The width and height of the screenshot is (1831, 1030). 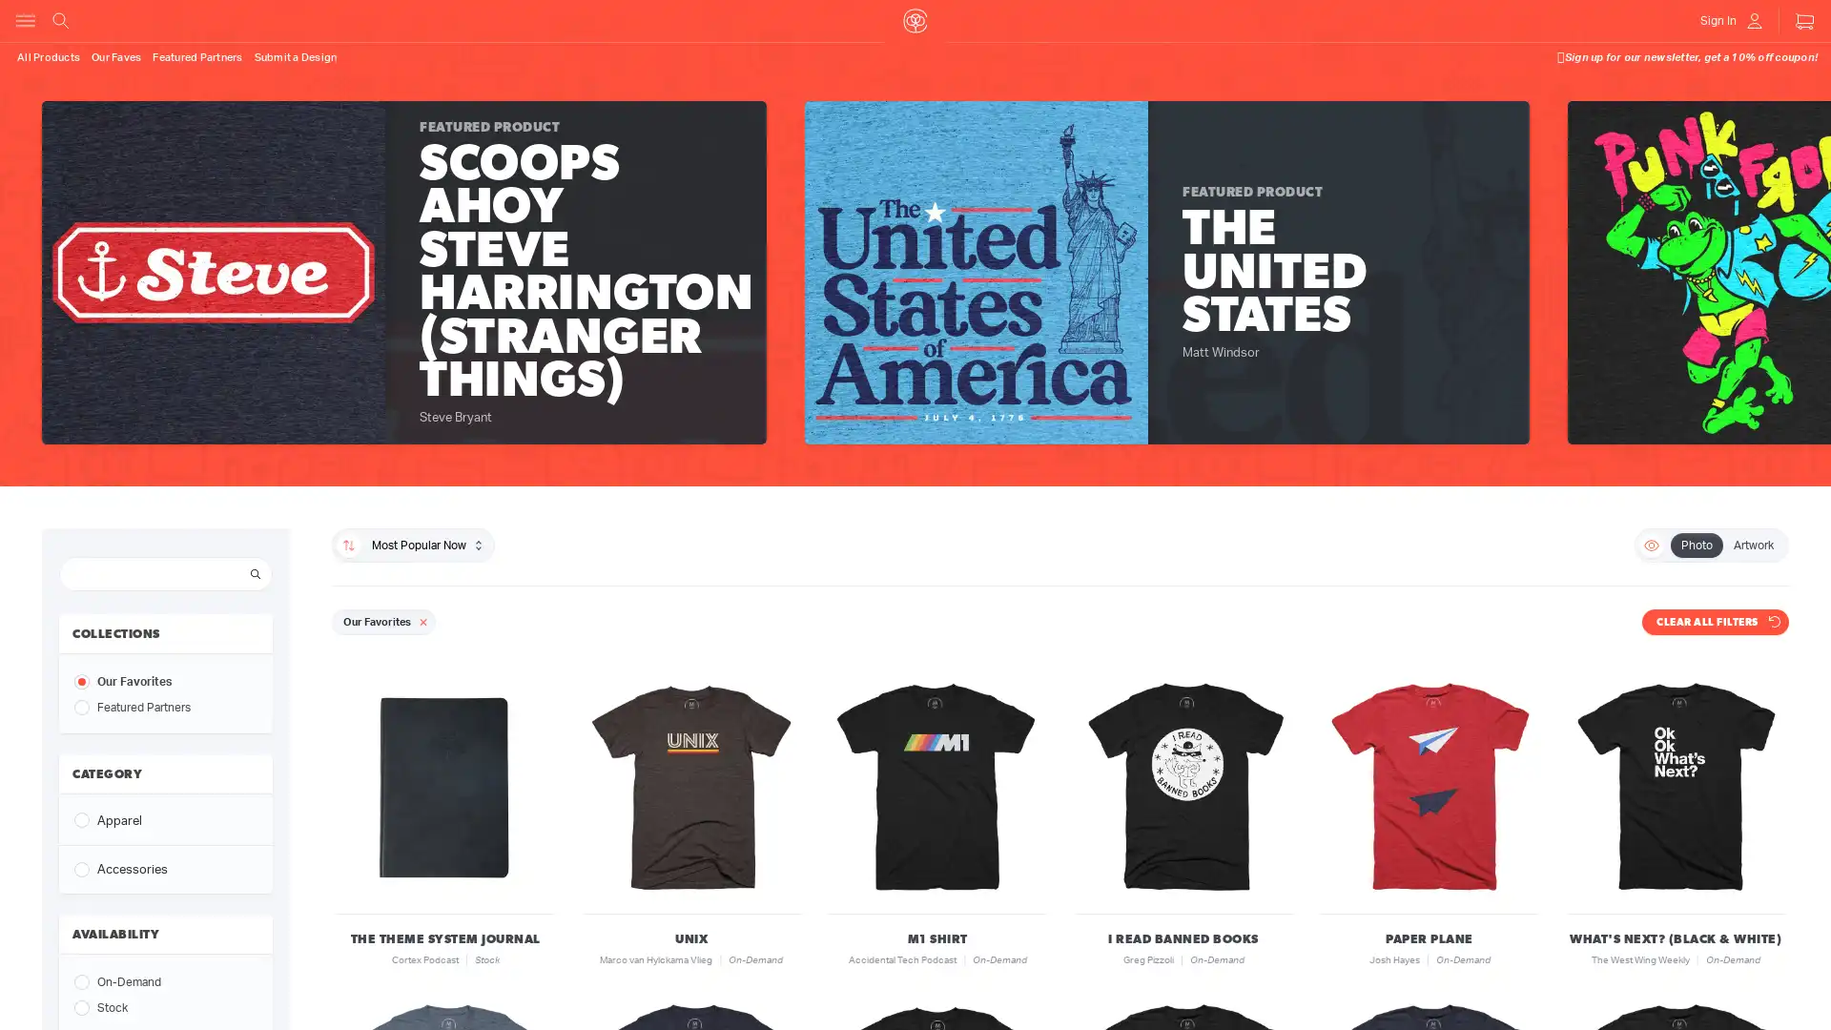 I want to click on CLEAR ALL FILTERS, so click(x=1716, y=646).